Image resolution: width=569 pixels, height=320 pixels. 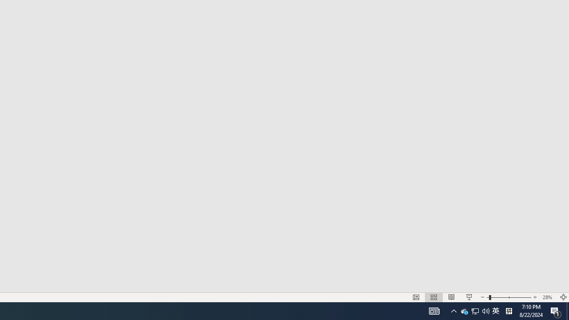 What do you see at coordinates (548, 297) in the screenshot?
I see `'Zoom 28%'` at bounding box center [548, 297].